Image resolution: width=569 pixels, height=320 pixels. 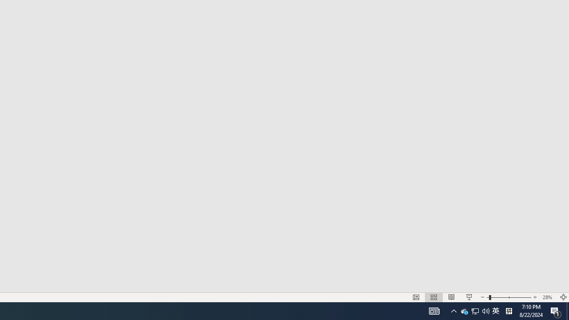 What do you see at coordinates (548, 297) in the screenshot?
I see `'Zoom 28%'` at bounding box center [548, 297].